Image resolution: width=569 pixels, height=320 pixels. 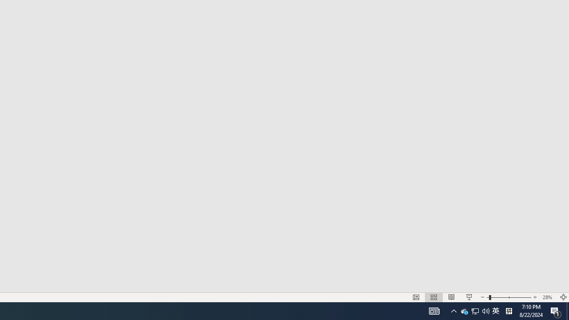 What do you see at coordinates (548, 297) in the screenshot?
I see `'Zoom 28%'` at bounding box center [548, 297].